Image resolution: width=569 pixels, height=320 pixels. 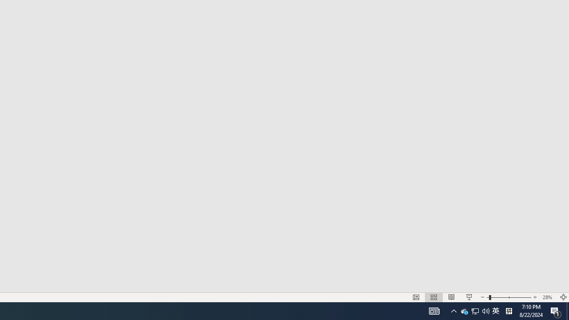 What do you see at coordinates (548, 297) in the screenshot?
I see `'Zoom 28%'` at bounding box center [548, 297].